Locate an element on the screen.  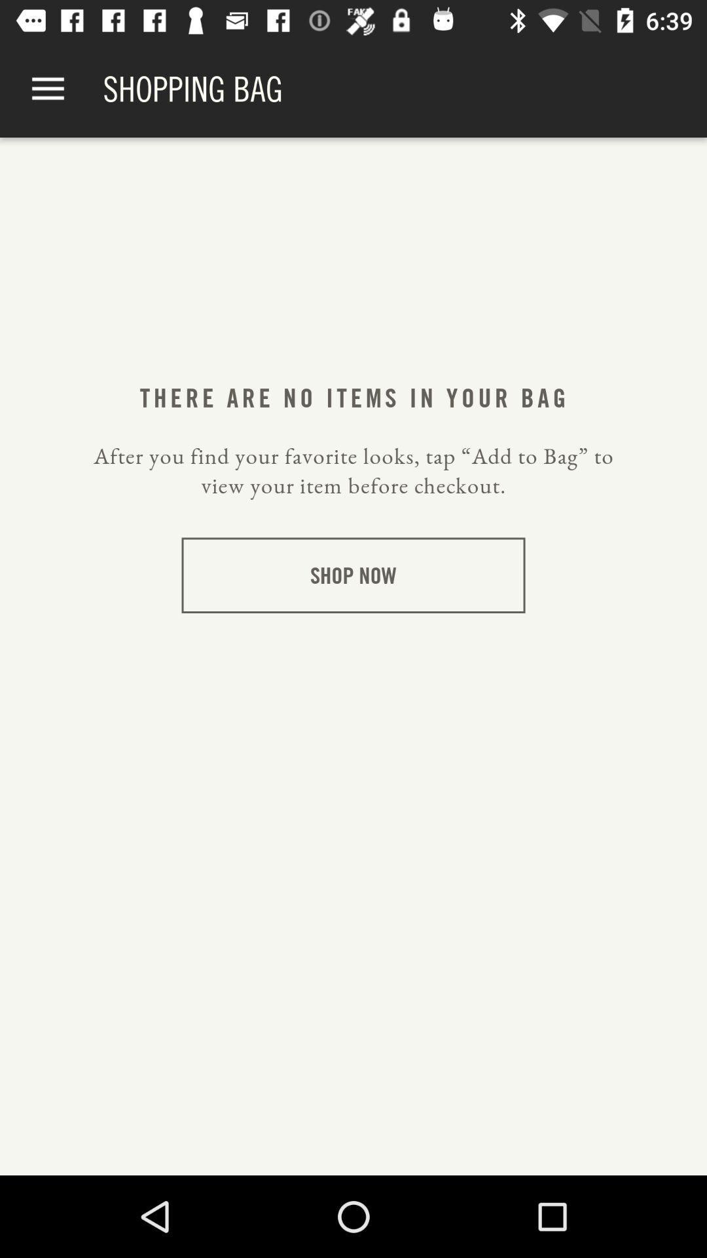
app to the left of the shopping bag is located at coordinates (47, 88).